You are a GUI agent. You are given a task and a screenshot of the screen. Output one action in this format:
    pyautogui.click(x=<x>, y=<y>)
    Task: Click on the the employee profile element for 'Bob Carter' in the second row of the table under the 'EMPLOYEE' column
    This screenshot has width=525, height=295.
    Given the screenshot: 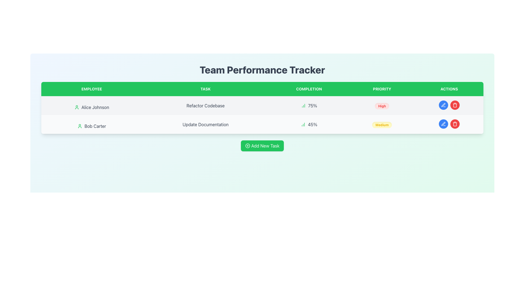 What is the action you would take?
    pyautogui.click(x=92, y=126)
    